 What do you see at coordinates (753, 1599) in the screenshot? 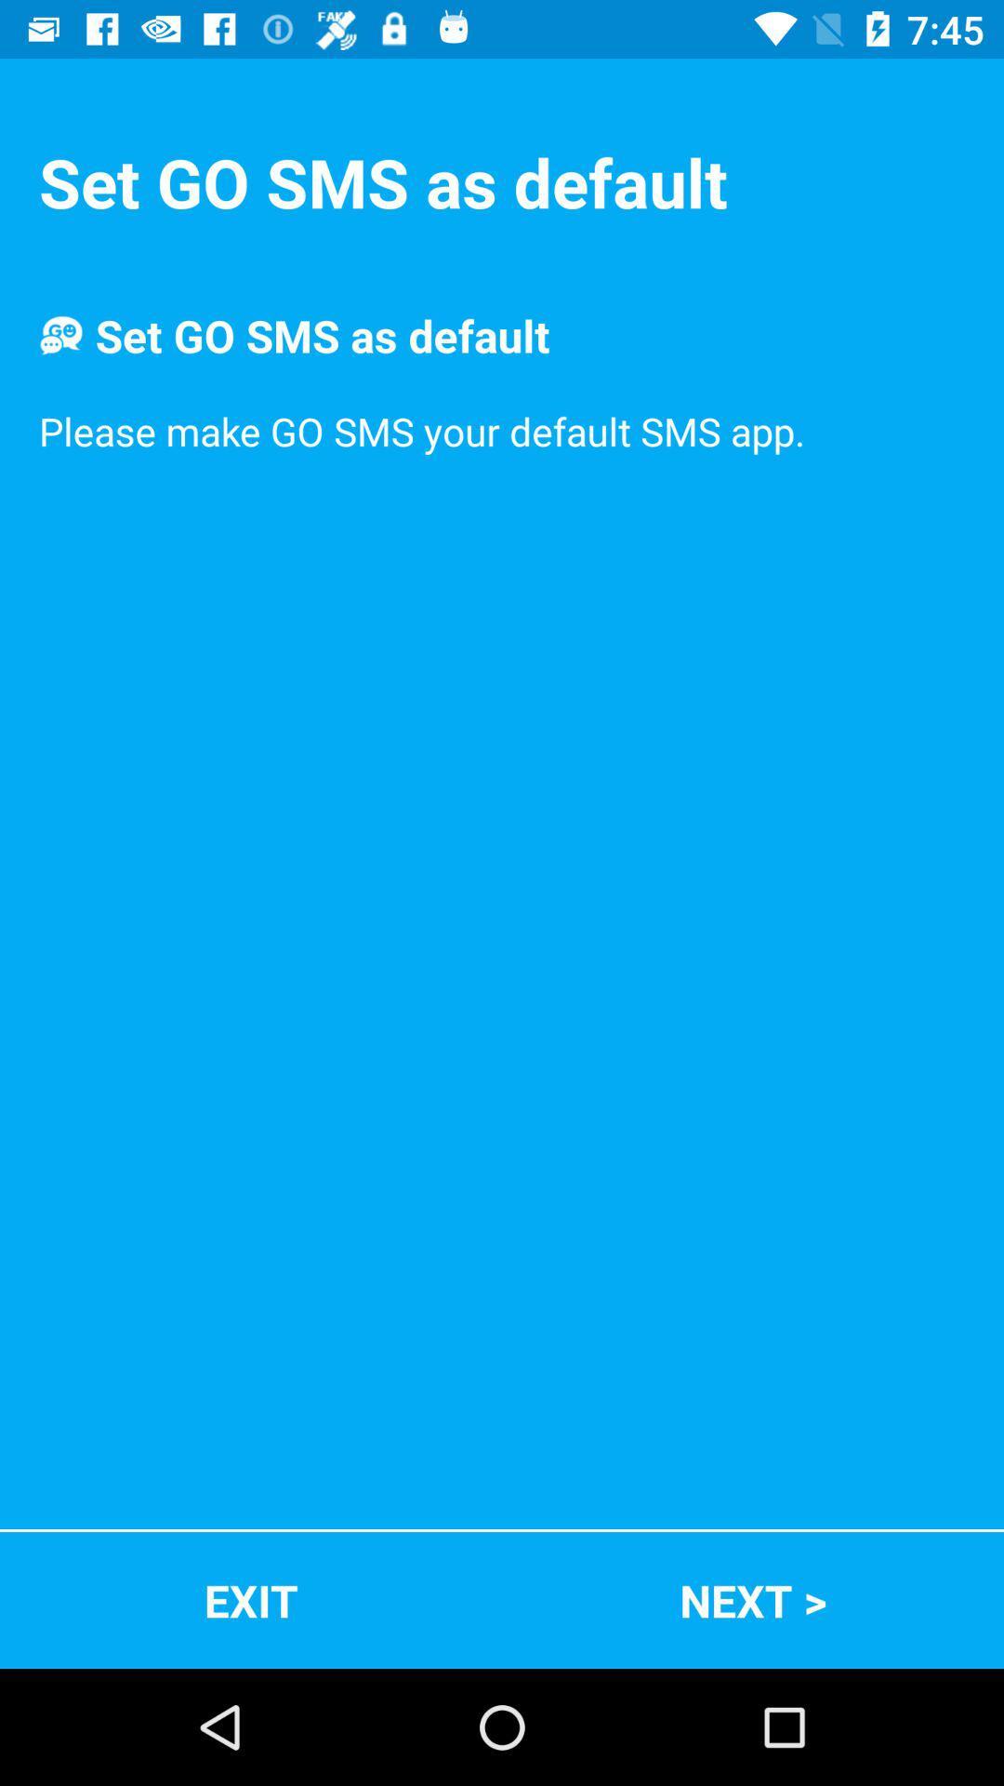
I see `the next >` at bounding box center [753, 1599].